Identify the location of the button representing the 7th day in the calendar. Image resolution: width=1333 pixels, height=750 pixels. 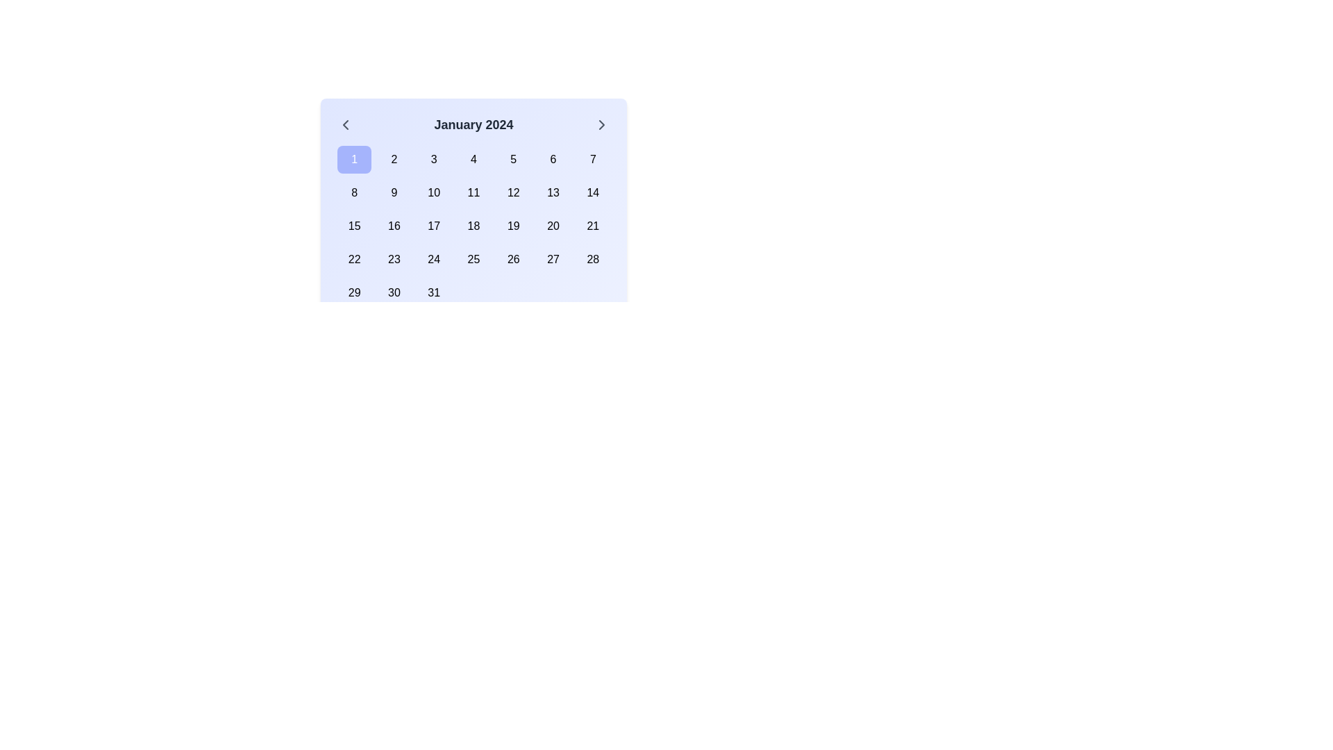
(593, 159).